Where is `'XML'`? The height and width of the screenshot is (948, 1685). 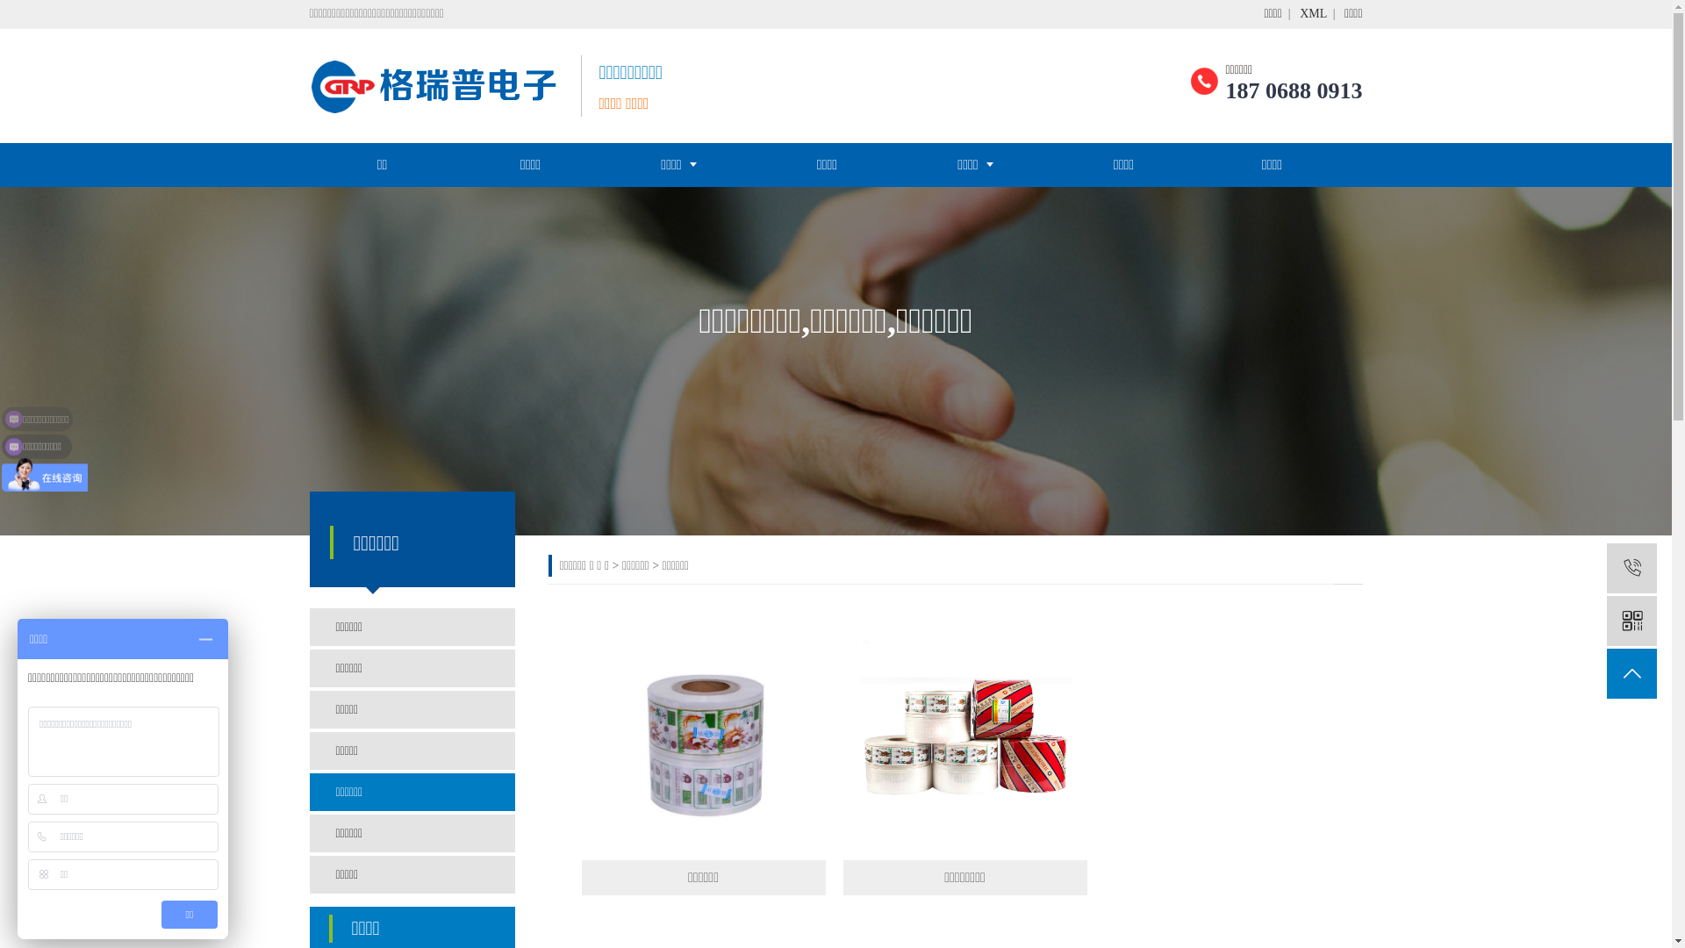 'XML' is located at coordinates (1313, 13).